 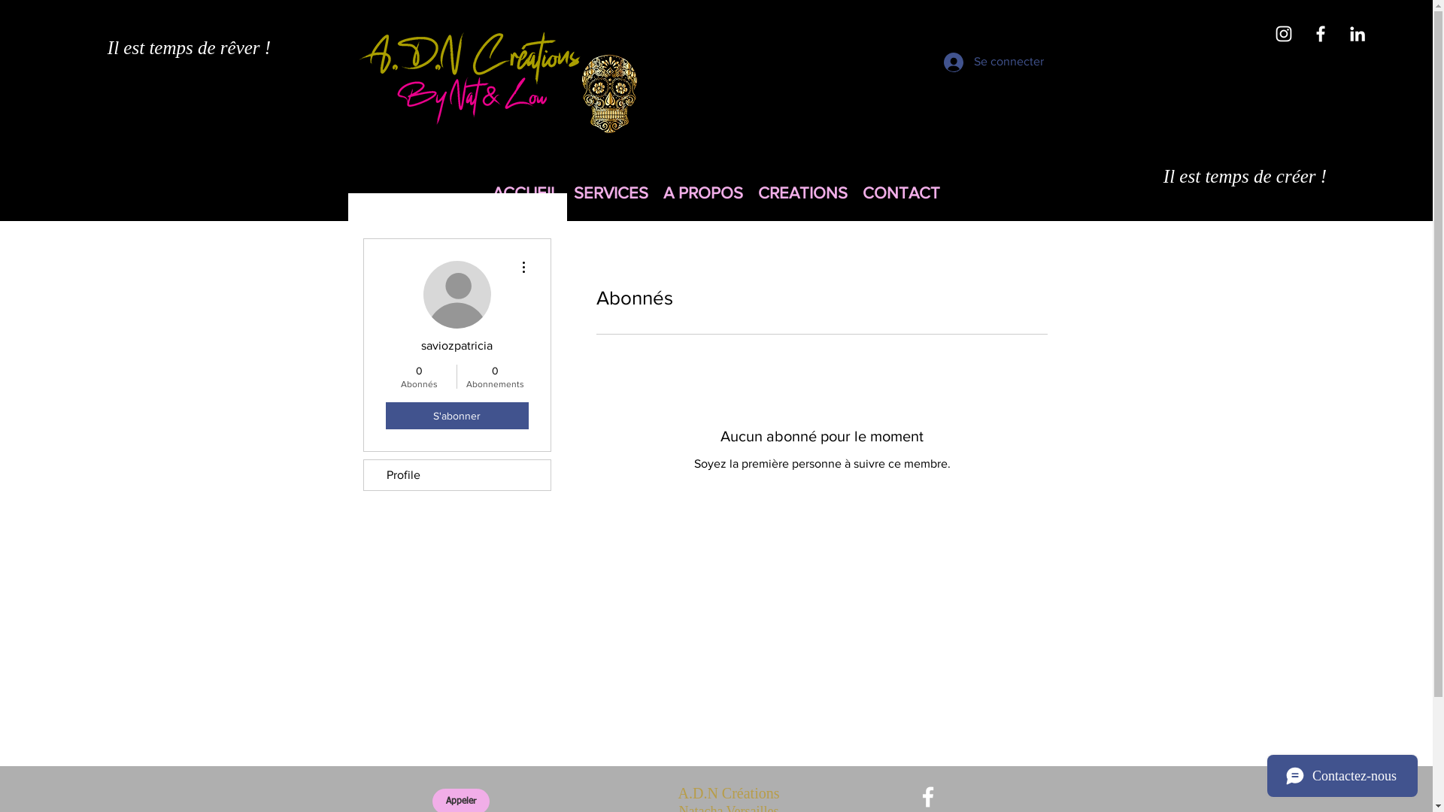 What do you see at coordinates (457, 475) in the screenshot?
I see `'Profile'` at bounding box center [457, 475].